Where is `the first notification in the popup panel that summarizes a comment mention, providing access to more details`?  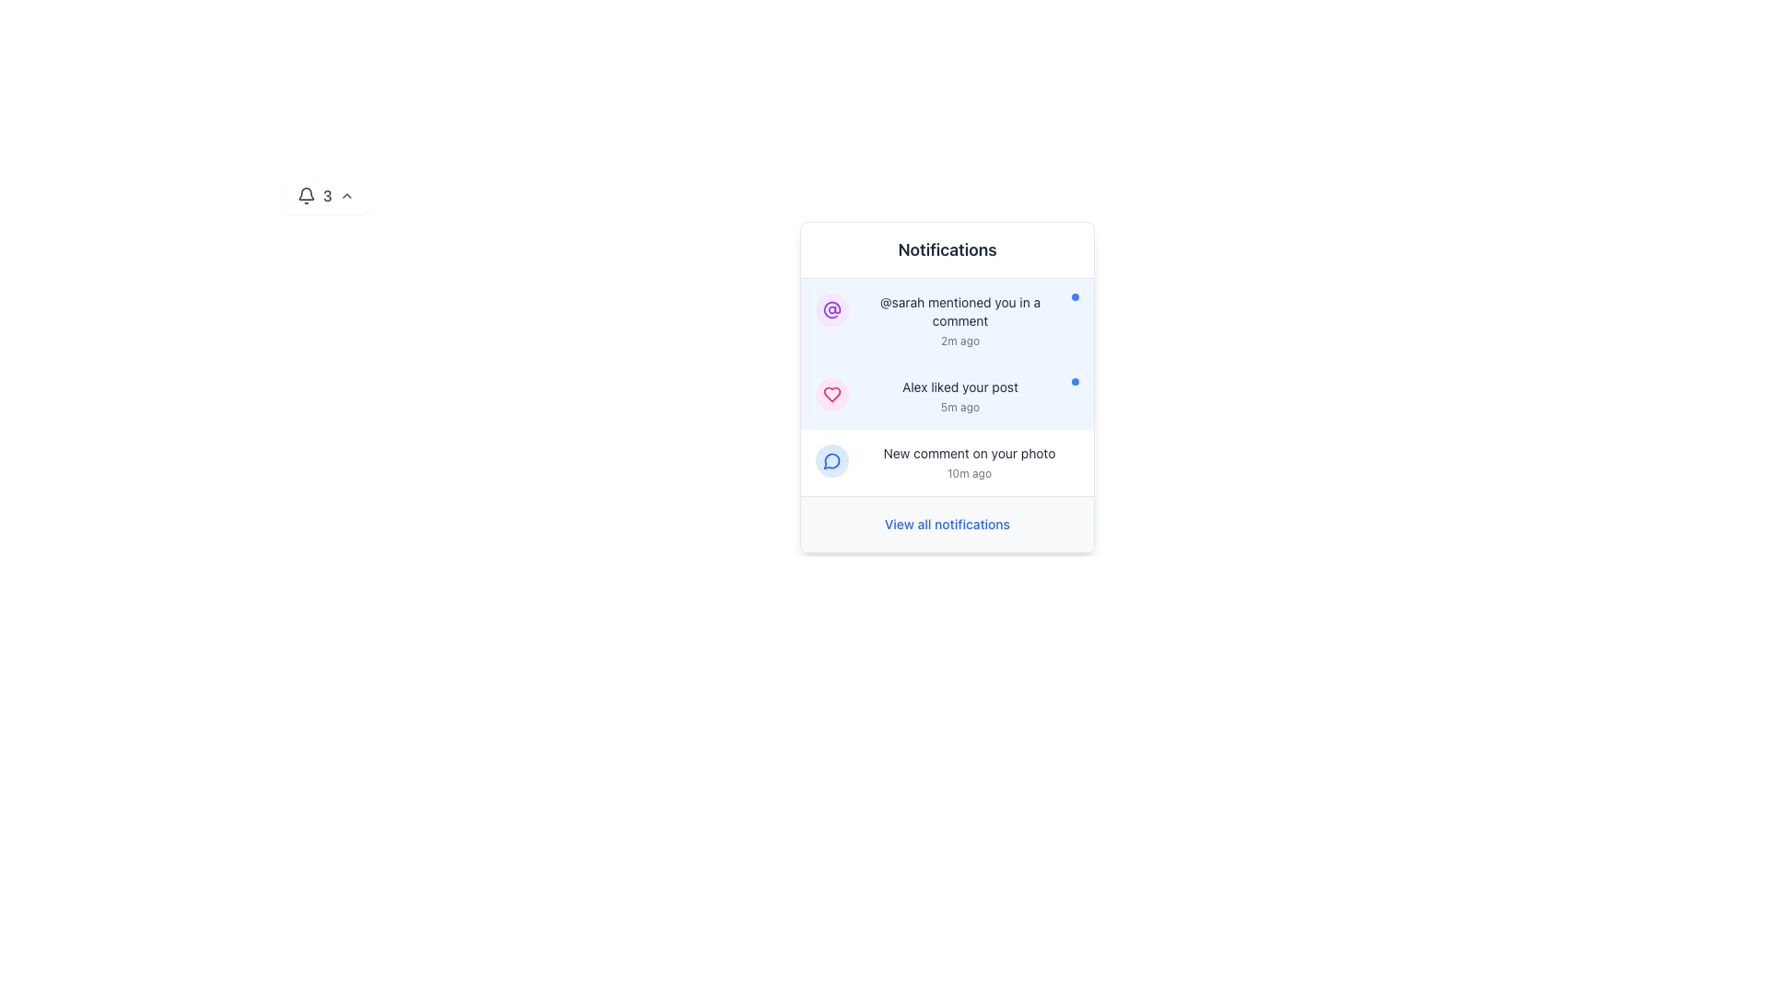
the first notification in the popup panel that summarizes a comment mention, providing access to more details is located at coordinates (947, 319).